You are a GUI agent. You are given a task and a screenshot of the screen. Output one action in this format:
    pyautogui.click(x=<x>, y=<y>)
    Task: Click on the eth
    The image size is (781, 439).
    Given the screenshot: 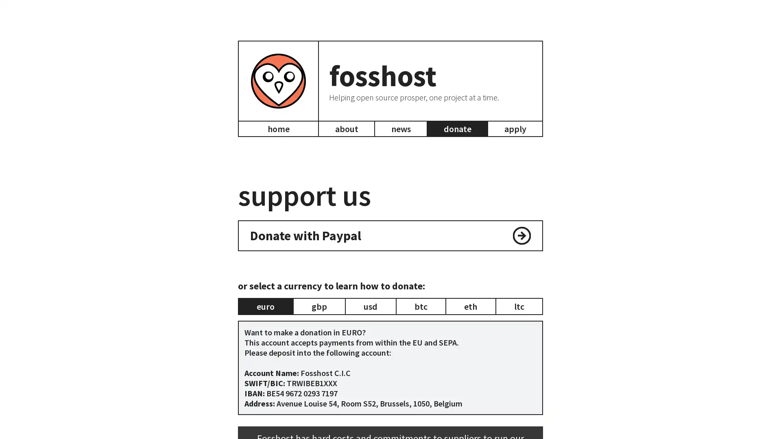 What is the action you would take?
    pyautogui.click(x=470, y=306)
    